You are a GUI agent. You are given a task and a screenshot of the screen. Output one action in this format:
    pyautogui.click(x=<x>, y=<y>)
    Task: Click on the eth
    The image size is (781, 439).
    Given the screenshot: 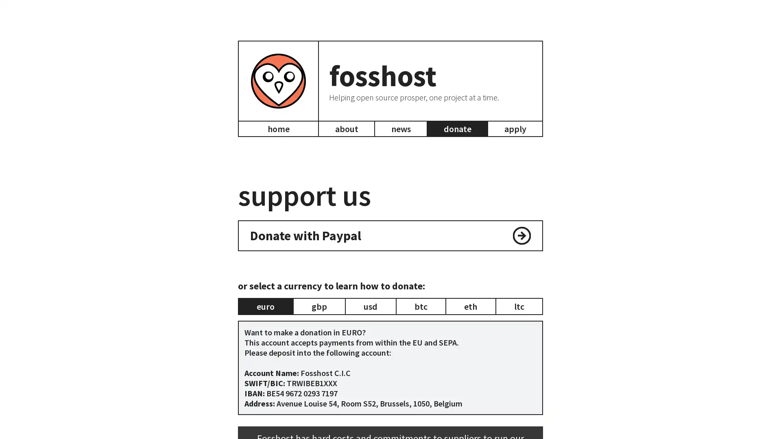 What is the action you would take?
    pyautogui.click(x=470, y=306)
    